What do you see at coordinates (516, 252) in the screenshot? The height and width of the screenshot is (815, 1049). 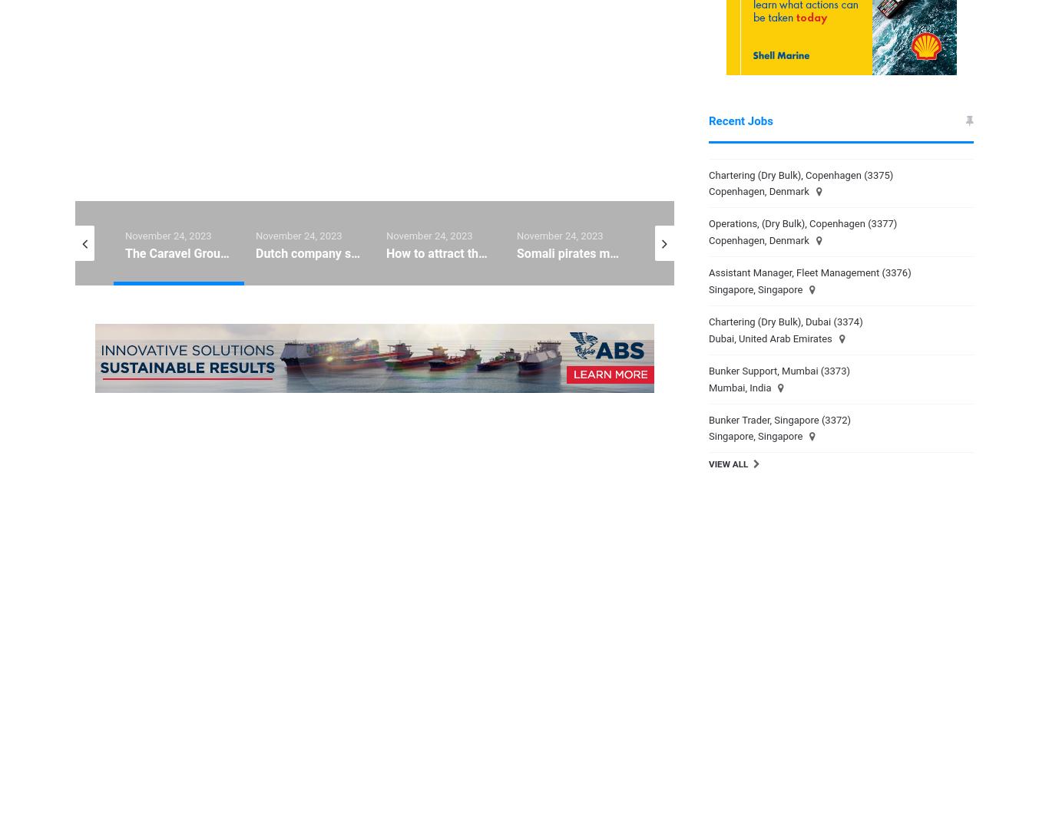 I see `'Somali pirates make their first return in years'` at bounding box center [516, 252].